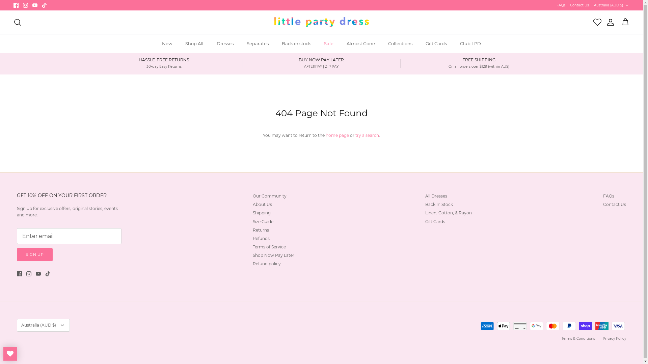  Describe the element at coordinates (625, 22) in the screenshot. I see `'Cart'` at that location.